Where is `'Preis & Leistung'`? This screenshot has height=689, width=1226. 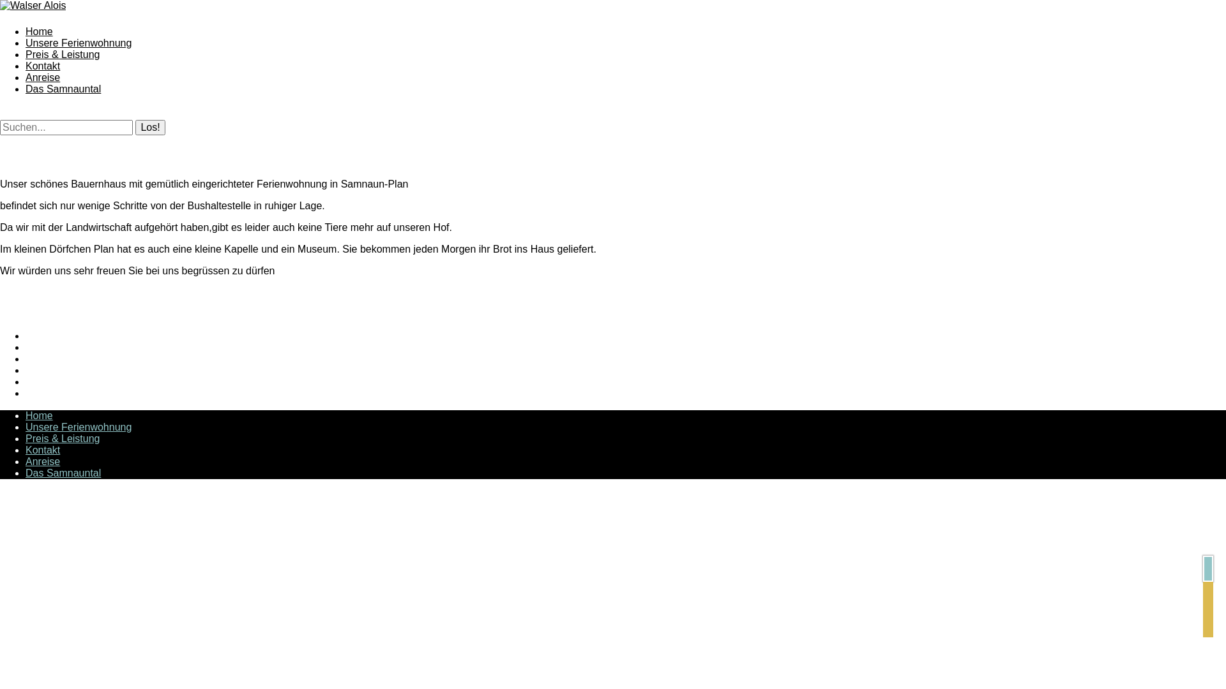
'Preis & Leistung' is located at coordinates (62, 438).